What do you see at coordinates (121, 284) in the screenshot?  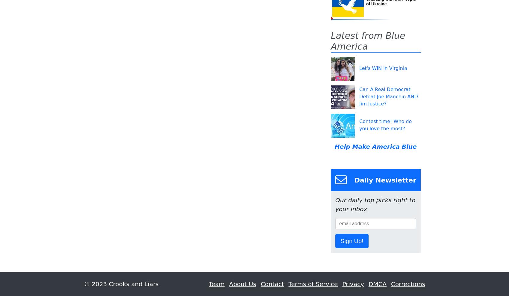 I see `'© 2023 Crooks and Liars'` at bounding box center [121, 284].